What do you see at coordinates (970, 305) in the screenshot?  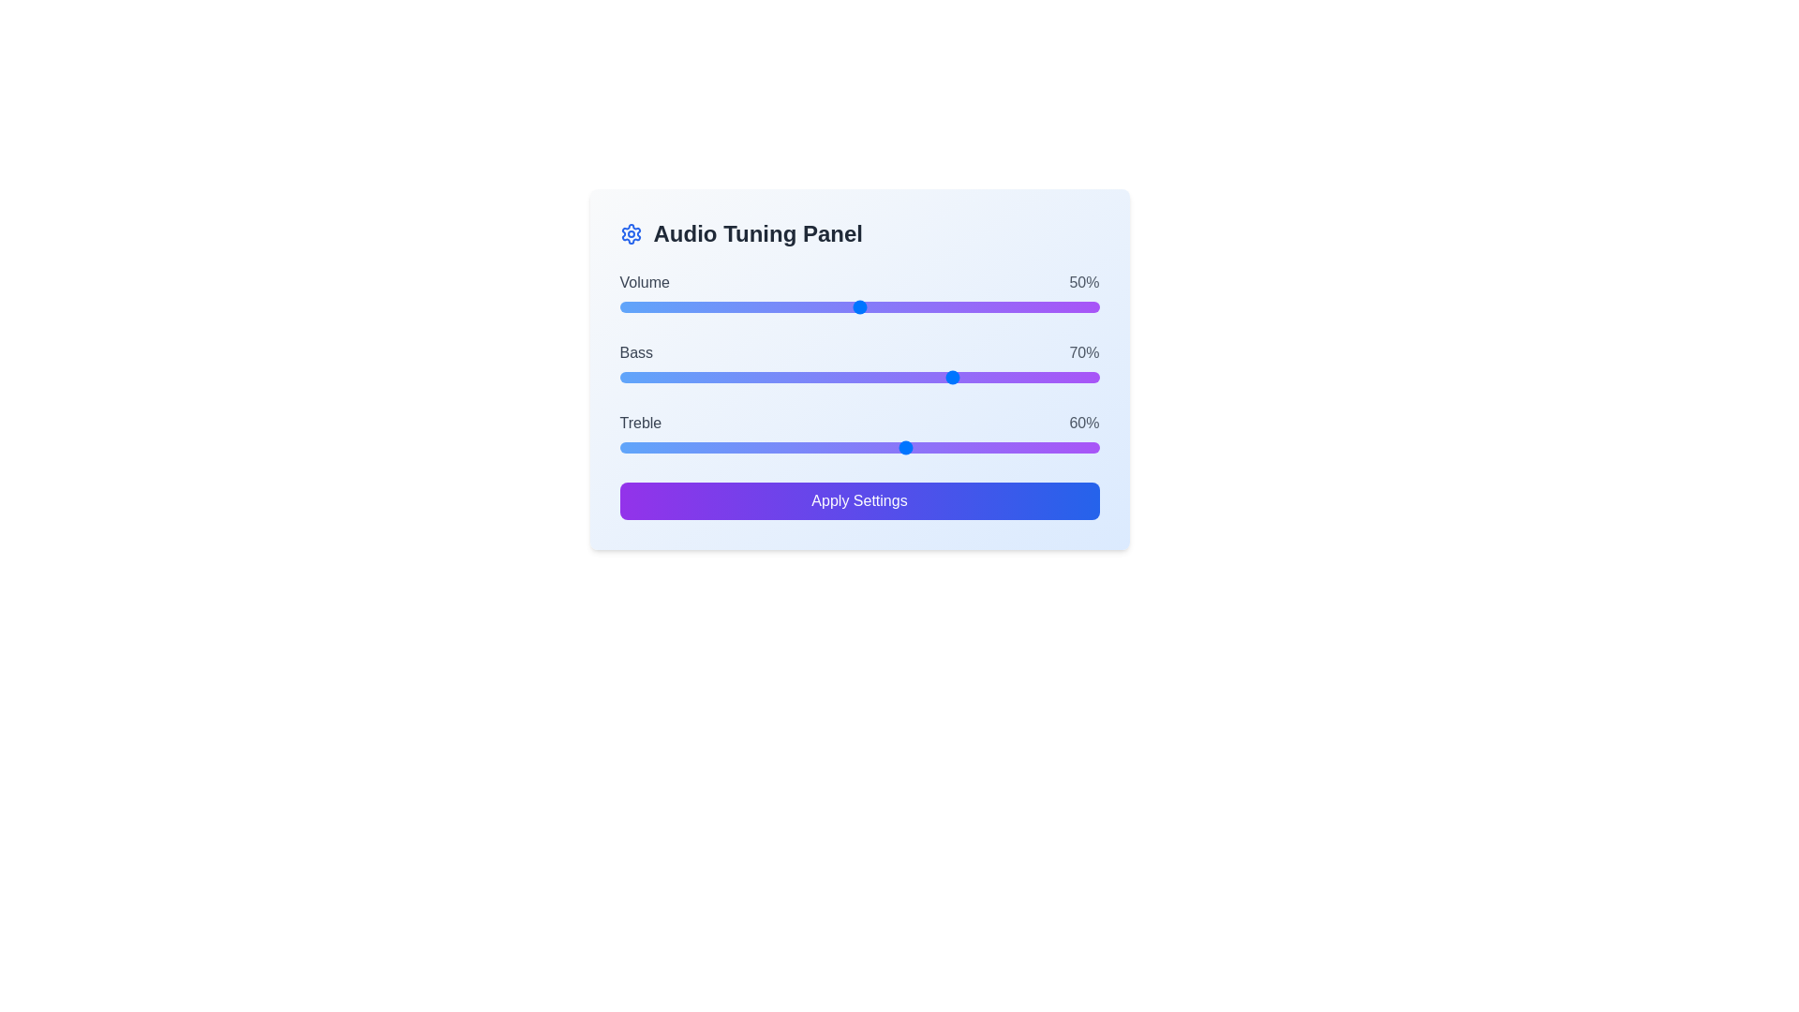 I see `the volume slider` at bounding box center [970, 305].